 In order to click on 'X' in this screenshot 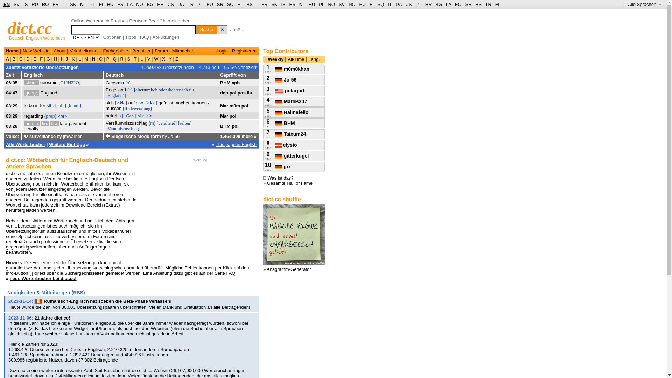, I will do `click(163, 58)`.